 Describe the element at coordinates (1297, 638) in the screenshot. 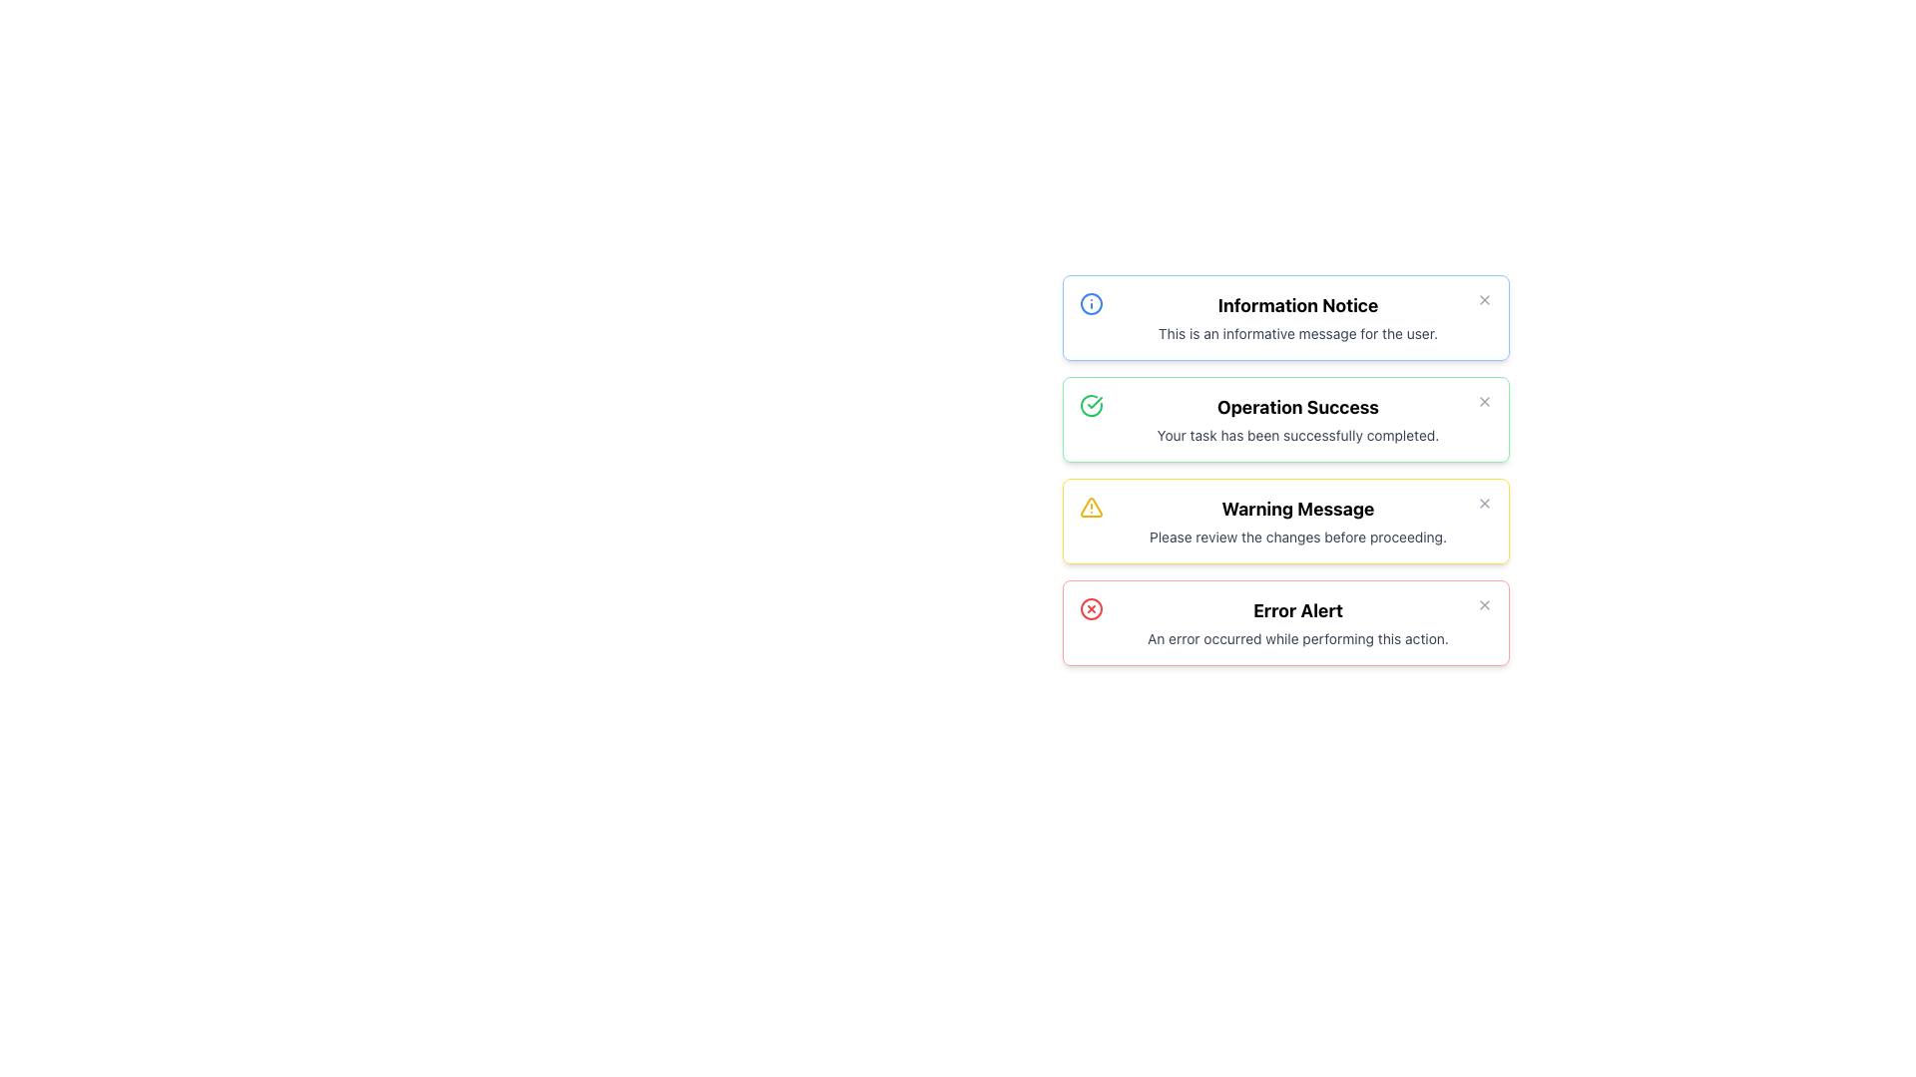

I see `the static text element displaying the message 'An error occurred while performing this action.' located within the 'Error Alert' notification block` at that location.